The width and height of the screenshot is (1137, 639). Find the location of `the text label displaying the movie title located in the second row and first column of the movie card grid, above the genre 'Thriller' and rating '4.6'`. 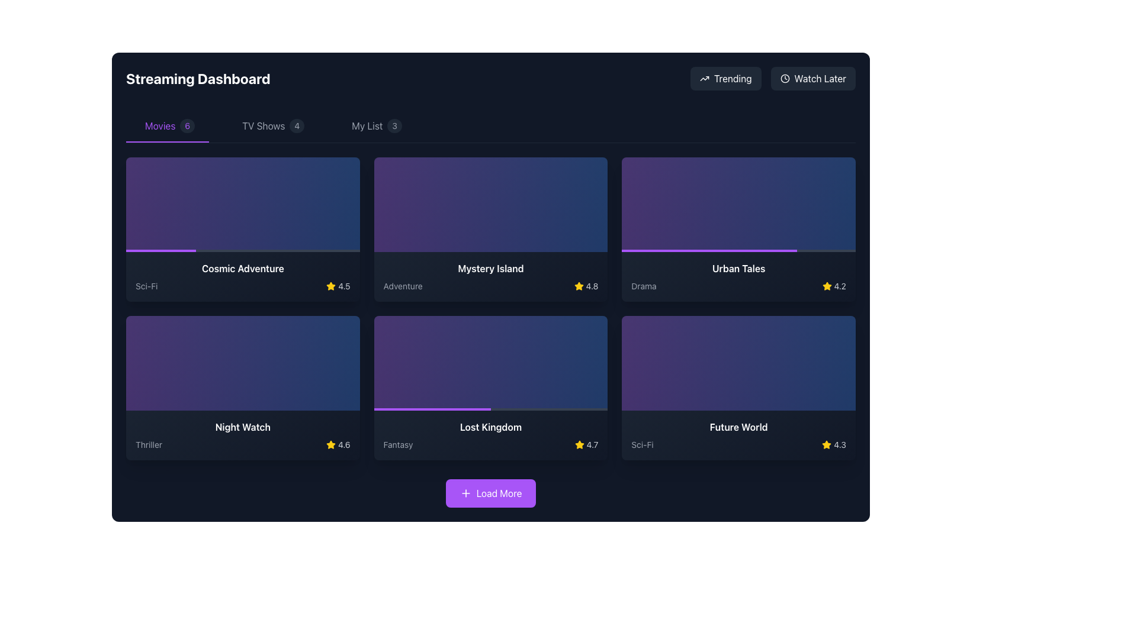

the text label displaying the movie title located in the second row and first column of the movie card grid, above the genre 'Thriller' and rating '4.6' is located at coordinates (242, 427).